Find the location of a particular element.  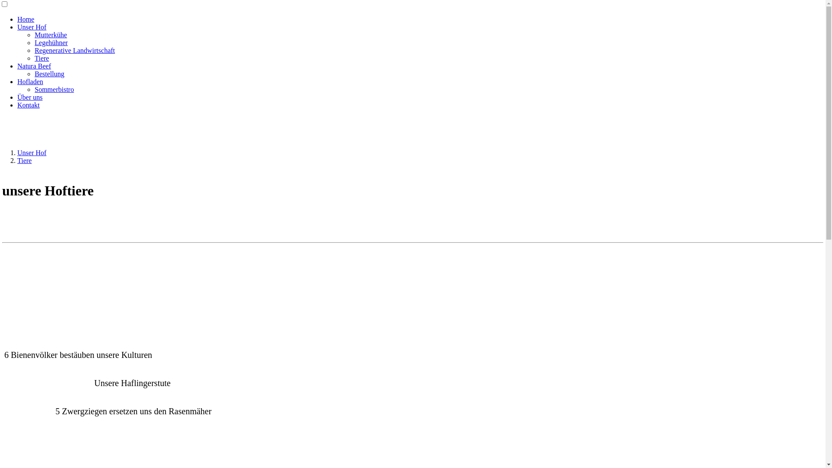

'Kontakt' is located at coordinates (29, 104).